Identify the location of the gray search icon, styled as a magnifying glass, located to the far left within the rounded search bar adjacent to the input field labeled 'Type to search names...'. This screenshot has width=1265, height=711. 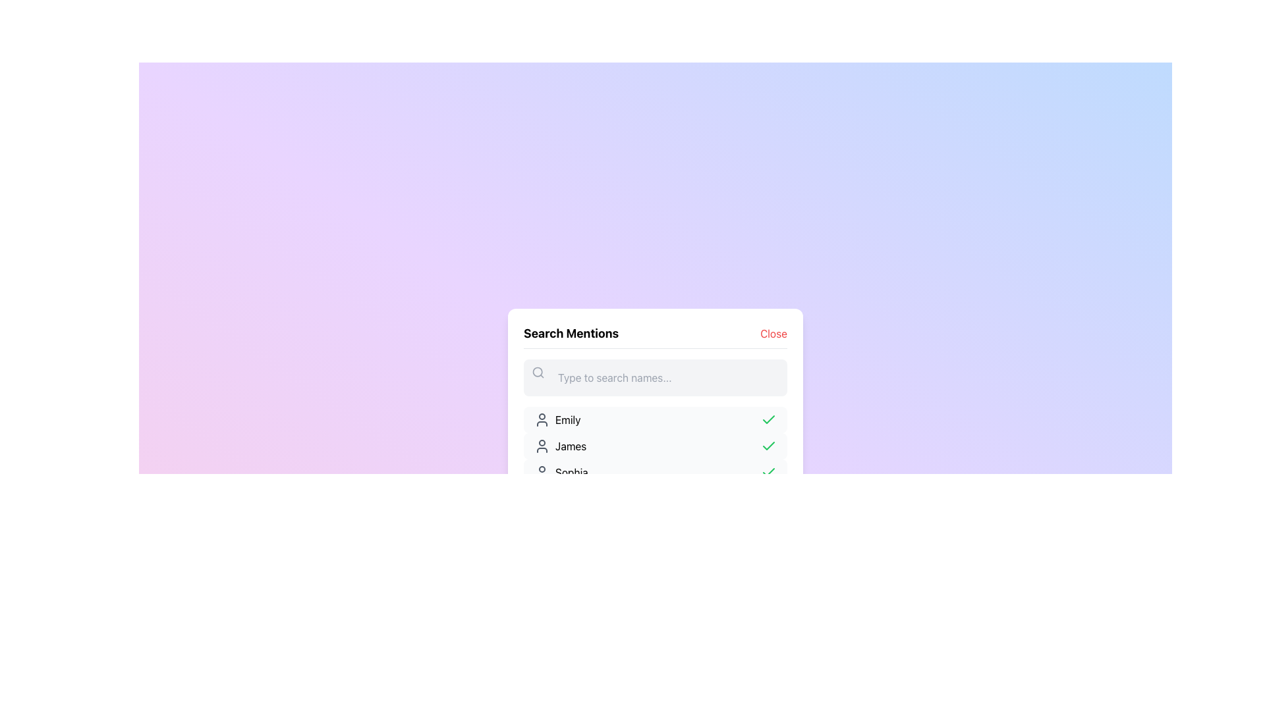
(538, 371).